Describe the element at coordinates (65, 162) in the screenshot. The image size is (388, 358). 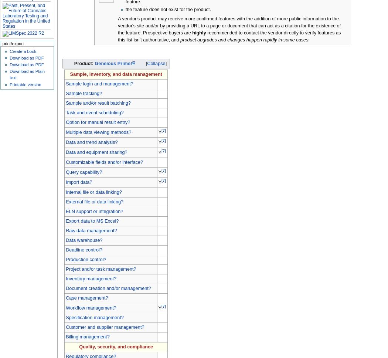
I see `'Customizable fields and/or interface?'` at that location.